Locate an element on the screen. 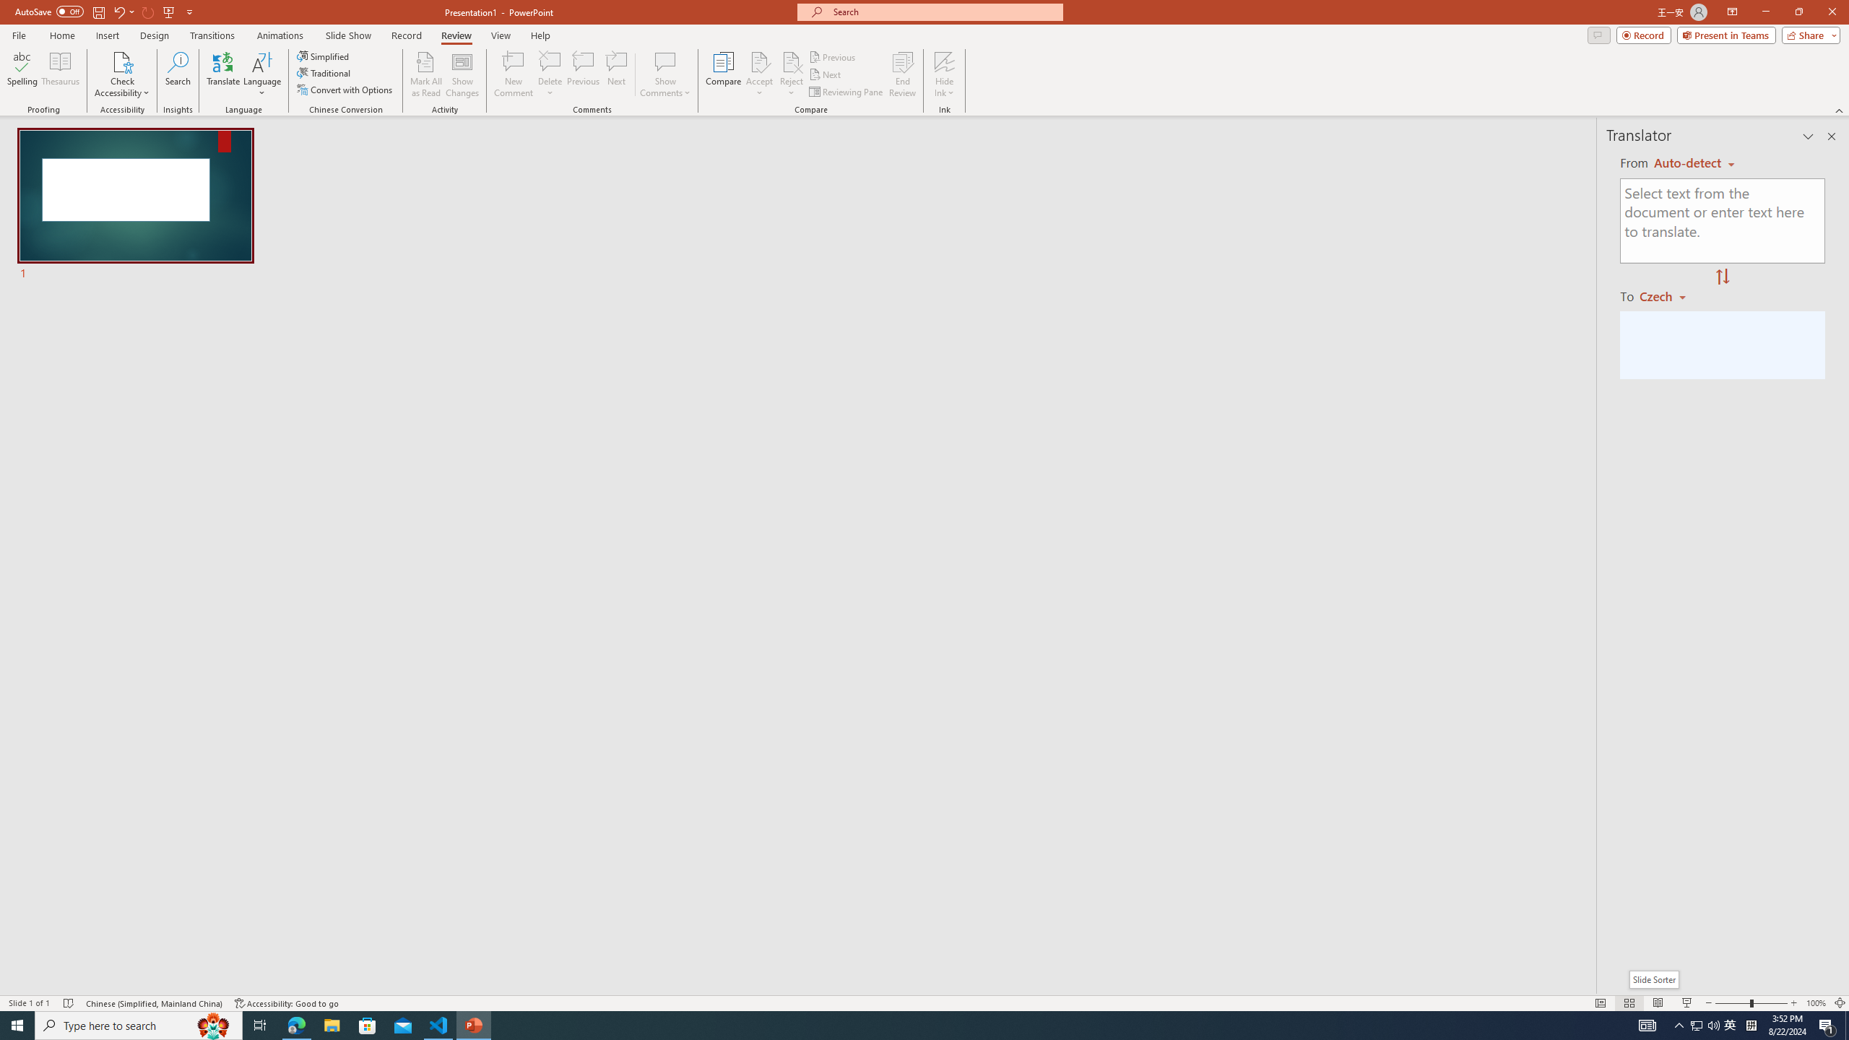 Image resolution: width=1849 pixels, height=1040 pixels. 'Reviewing Pane' is located at coordinates (846, 92).